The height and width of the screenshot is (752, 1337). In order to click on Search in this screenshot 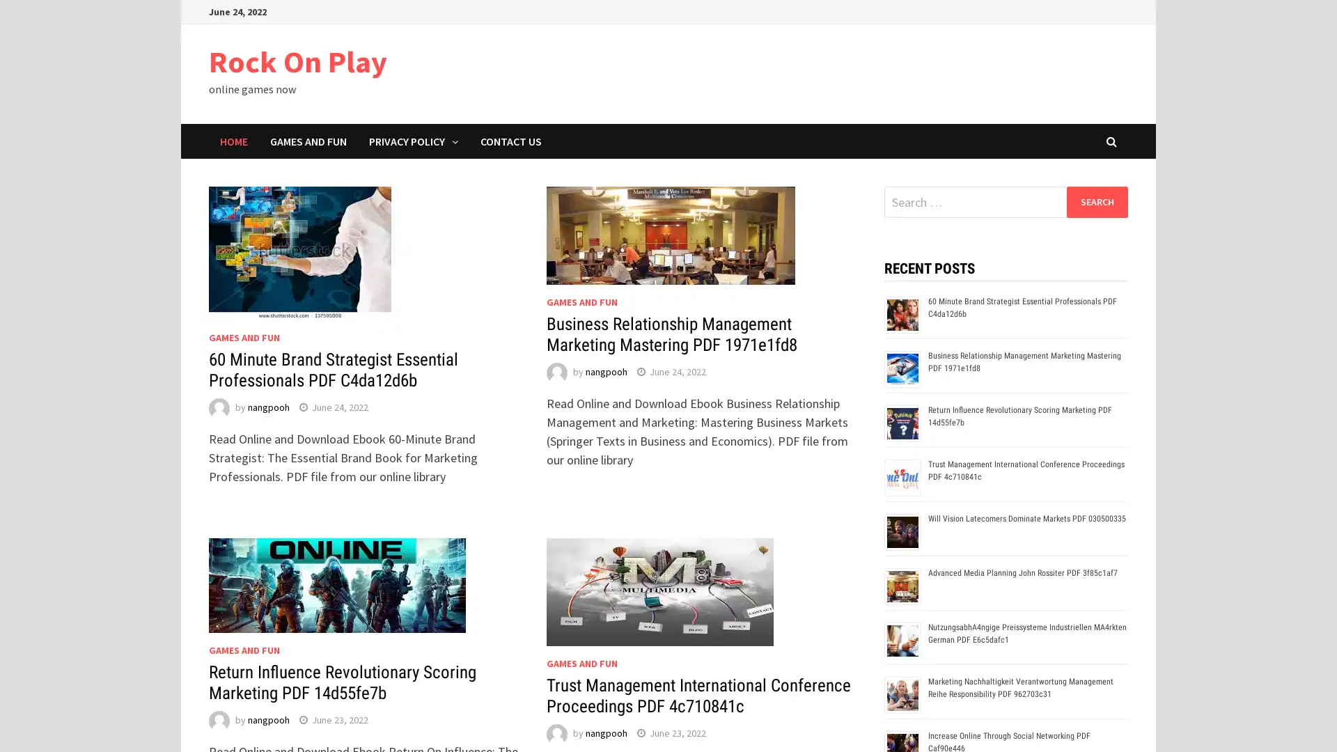, I will do `click(1096, 201)`.